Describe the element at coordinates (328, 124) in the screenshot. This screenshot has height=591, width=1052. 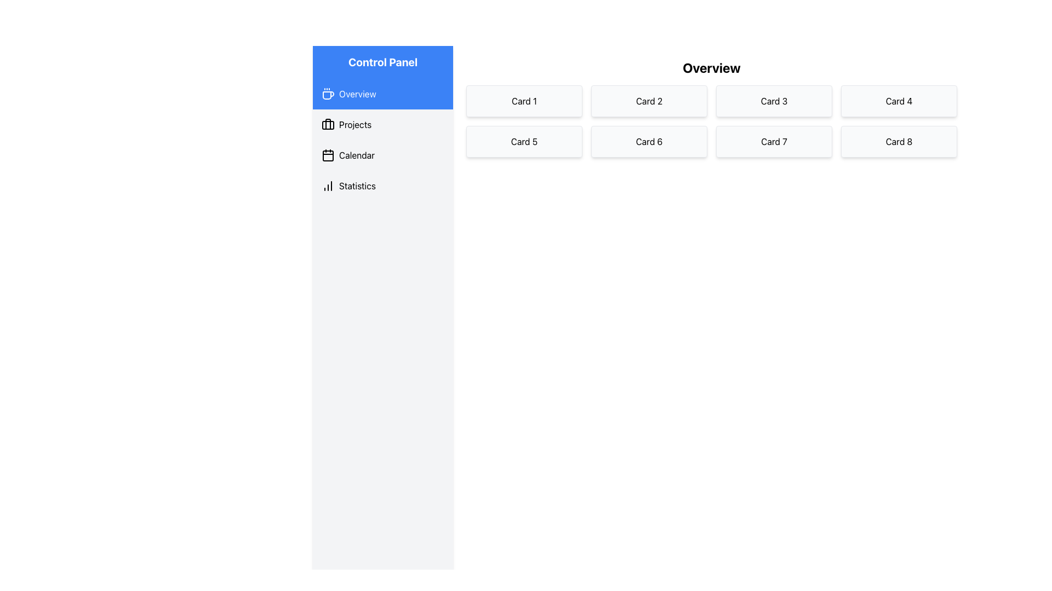
I see `the main body of the briefcase icon in the 'Projects' section of the sidebar menu` at that location.